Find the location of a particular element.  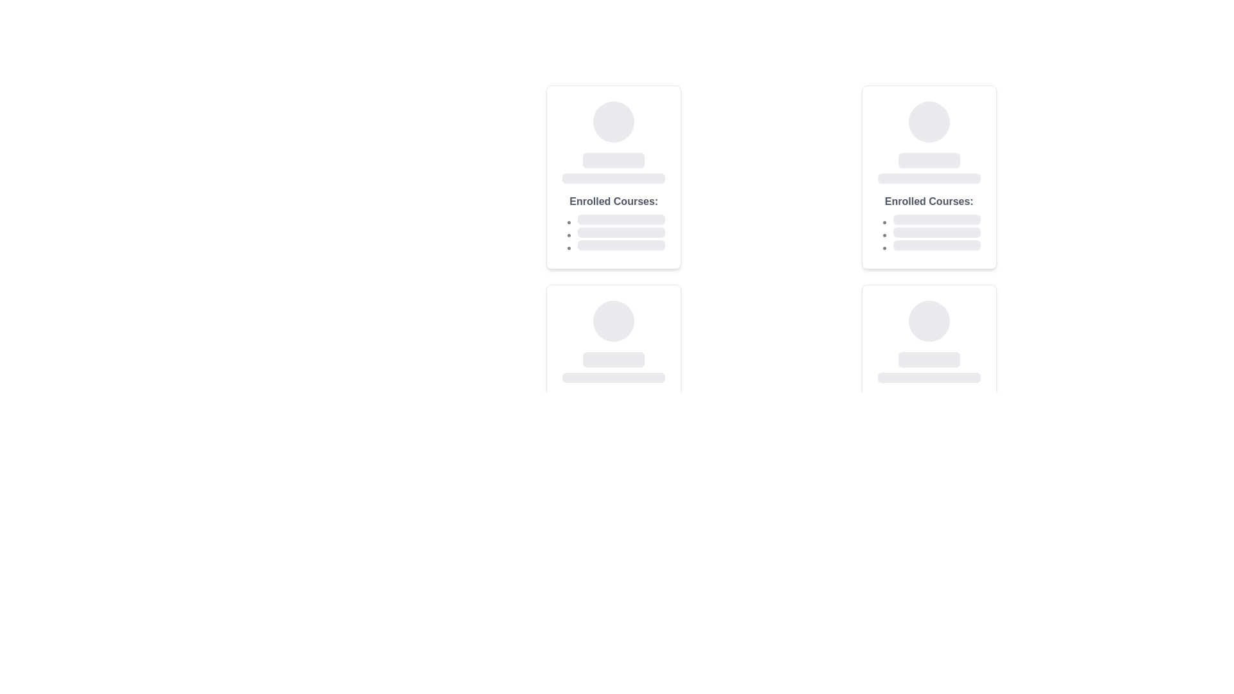

the second placeholder bar with a light gray background, rounded corners, located below another similar rectangle in a card-like layout is located at coordinates (929, 178).